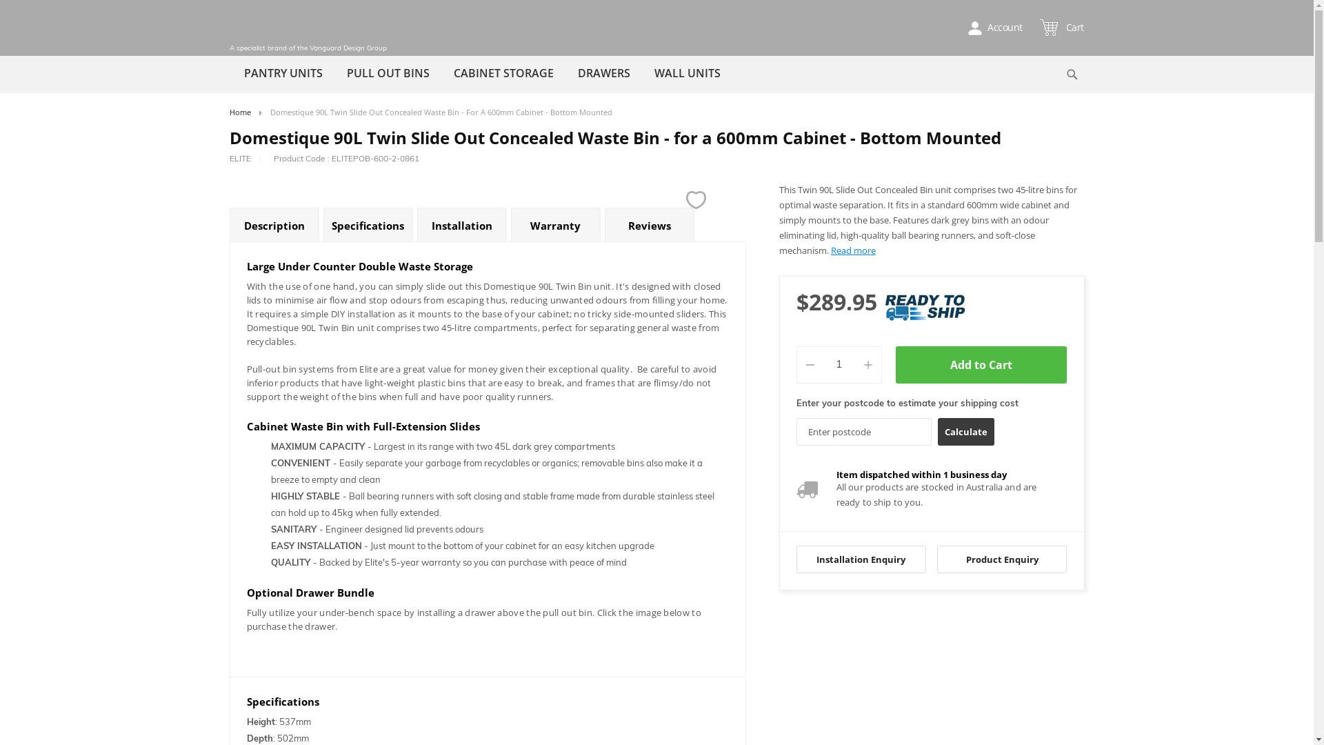 The height and width of the screenshot is (745, 1324). What do you see at coordinates (461, 224) in the screenshot?
I see `'Installation'` at bounding box center [461, 224].